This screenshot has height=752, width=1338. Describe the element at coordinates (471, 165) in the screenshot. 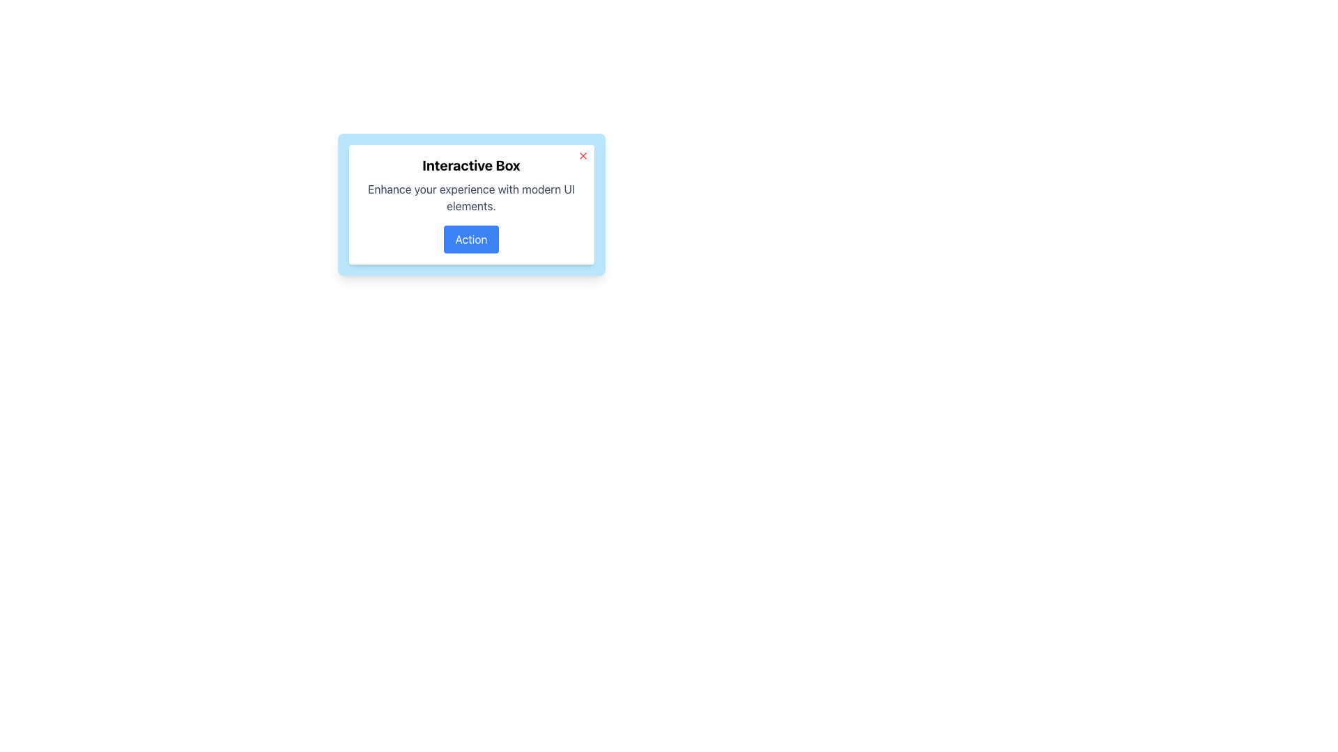

I see `the Text Label that serves as a header within a white, rounded-corner card, positioned centrally in the interface` at that location.